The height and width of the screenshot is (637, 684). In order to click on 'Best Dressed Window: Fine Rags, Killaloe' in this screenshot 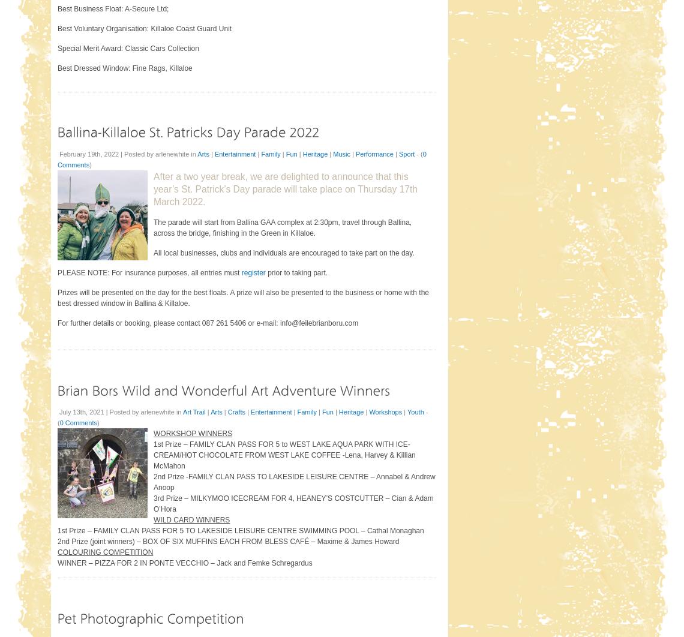, I will do `click(56, 67)`.